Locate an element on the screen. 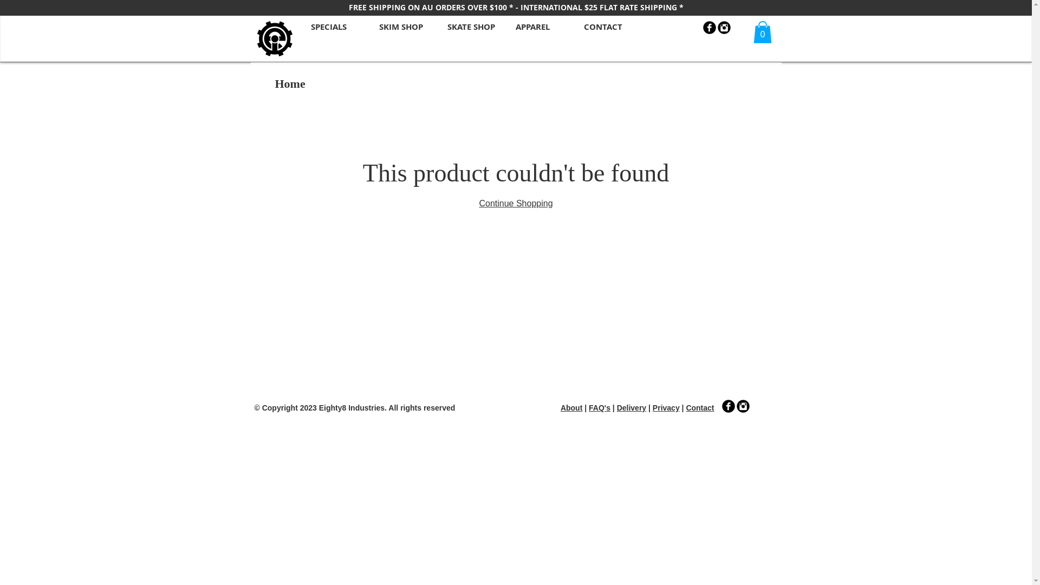 The width and height of the screenshot is (1040, 585). 'About' is located at coordinates (571, 407).